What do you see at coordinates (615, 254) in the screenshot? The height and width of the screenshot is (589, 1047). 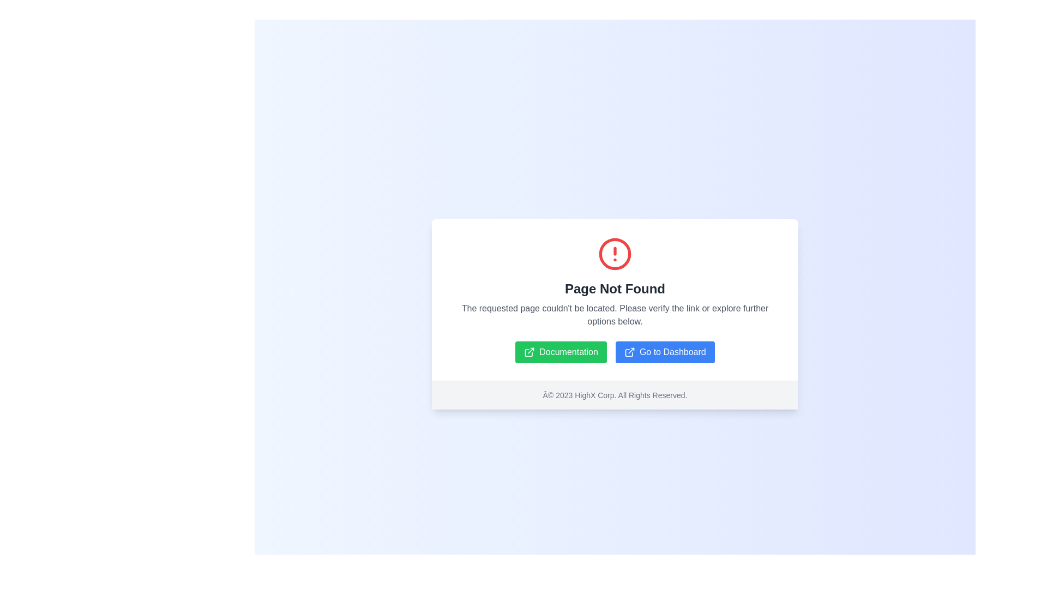 I see `the alert icon located at the top of the 'Page Not Found' card, which highlights the error message below` at bounding box center [615, 254].